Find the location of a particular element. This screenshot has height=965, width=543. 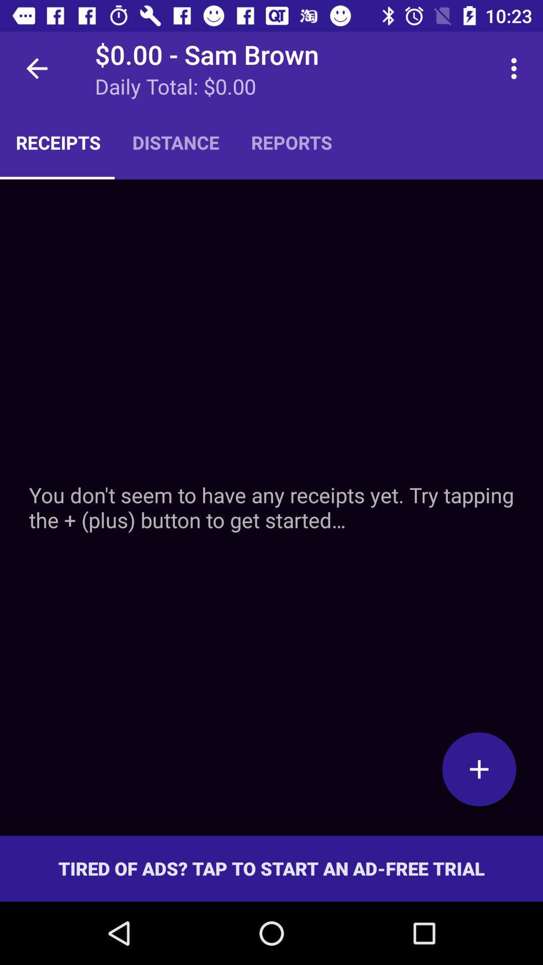

tap to get started is located at coordinates (479, 768).